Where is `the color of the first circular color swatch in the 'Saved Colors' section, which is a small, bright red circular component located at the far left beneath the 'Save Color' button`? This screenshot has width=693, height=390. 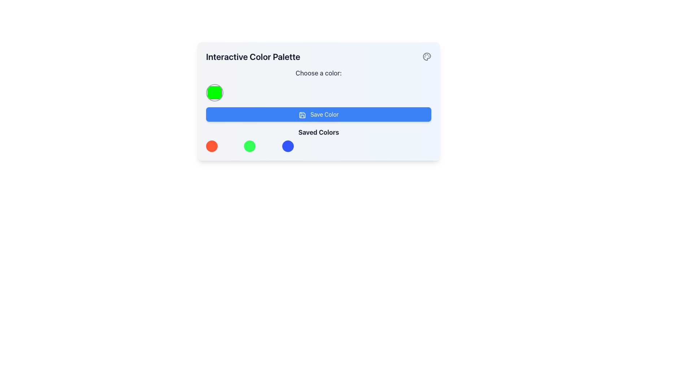
the color of the first circular color swatch in the 'Saved Colors' section, which is a small, bright red circular component located at the far left beneath the 'Save Color' button is located at coordinates (211, 146).